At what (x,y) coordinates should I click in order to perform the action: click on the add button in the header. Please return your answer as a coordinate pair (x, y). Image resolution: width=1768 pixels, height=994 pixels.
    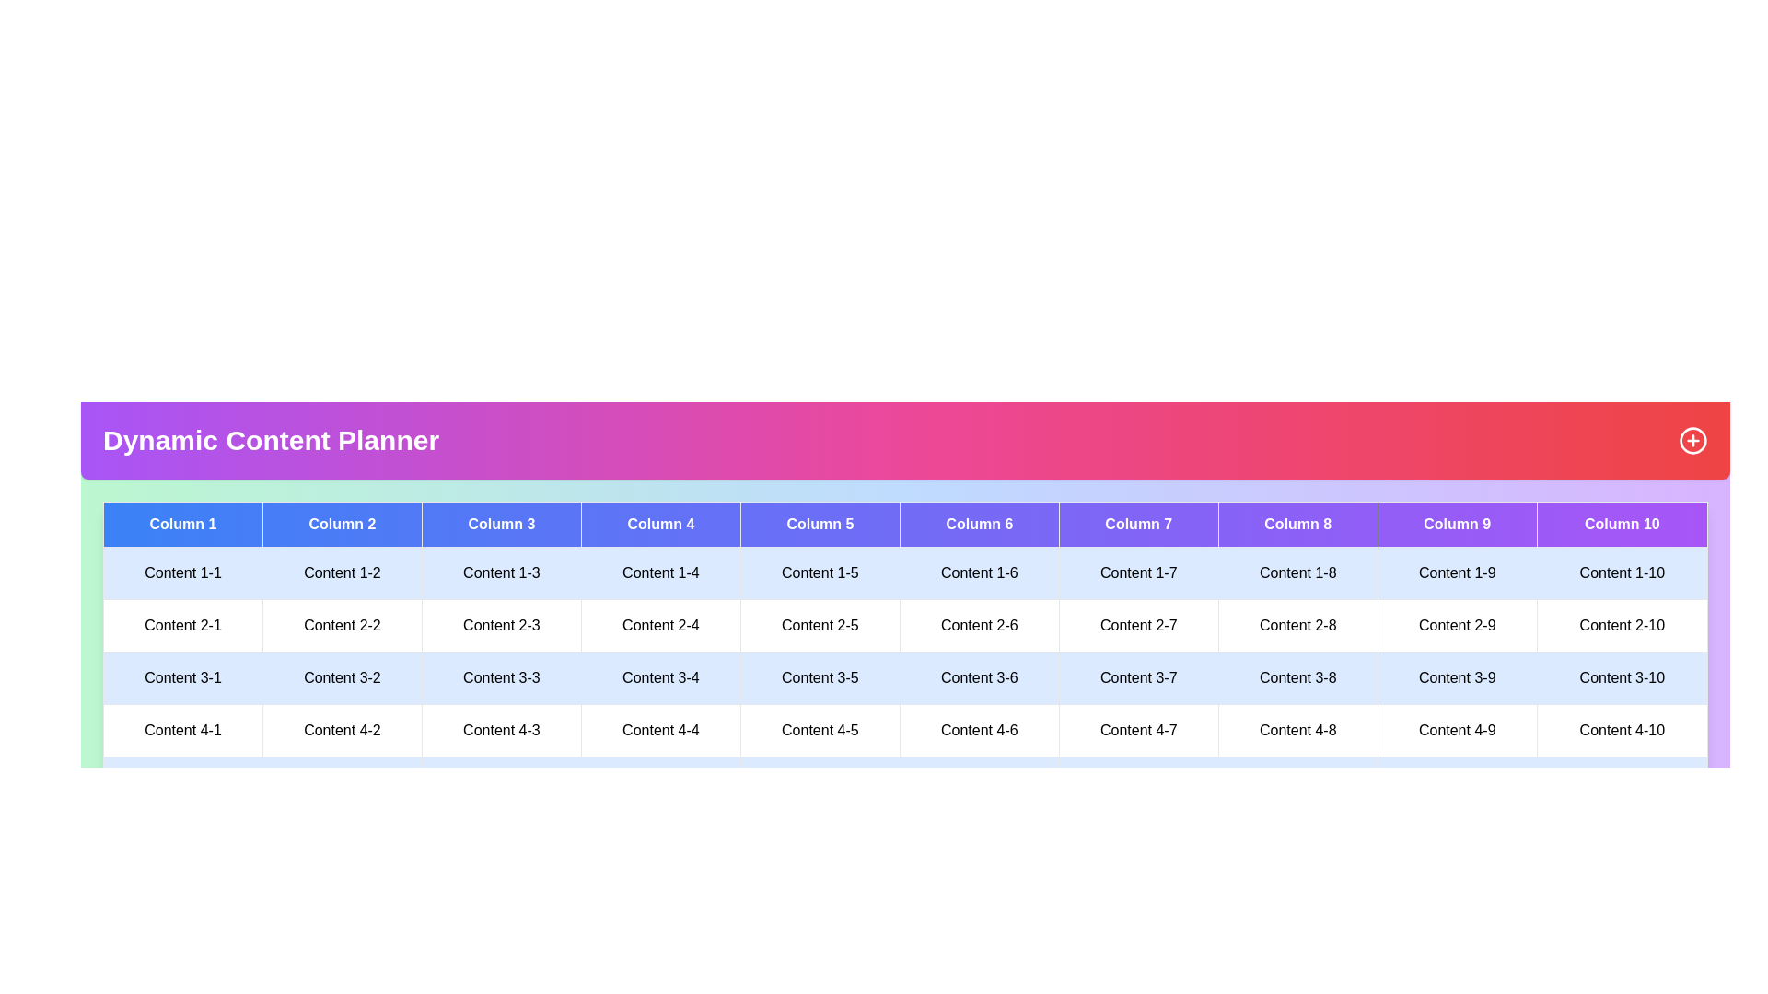
    Looking at the image, I should click on (1692, 440).